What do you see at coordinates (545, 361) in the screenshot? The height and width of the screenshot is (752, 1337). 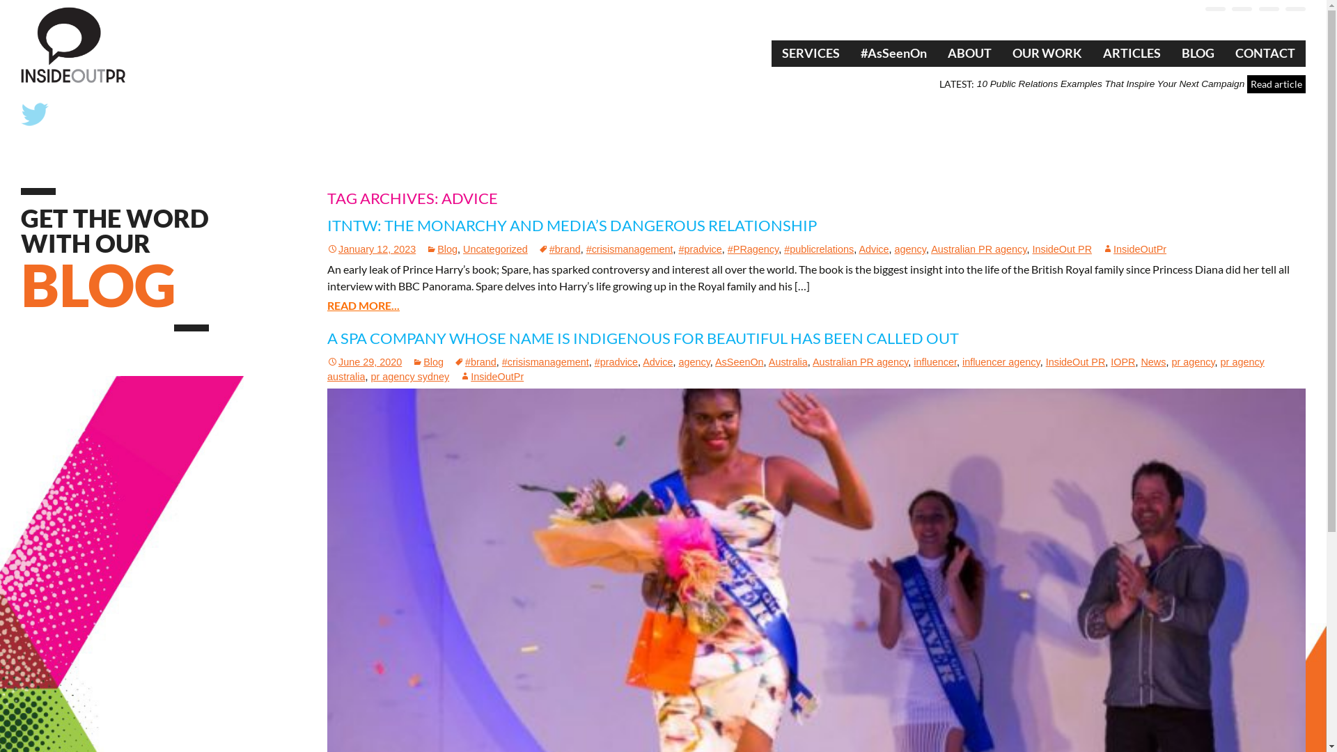 I see `'#crisismanagement'` at bounding box center [545, 361].